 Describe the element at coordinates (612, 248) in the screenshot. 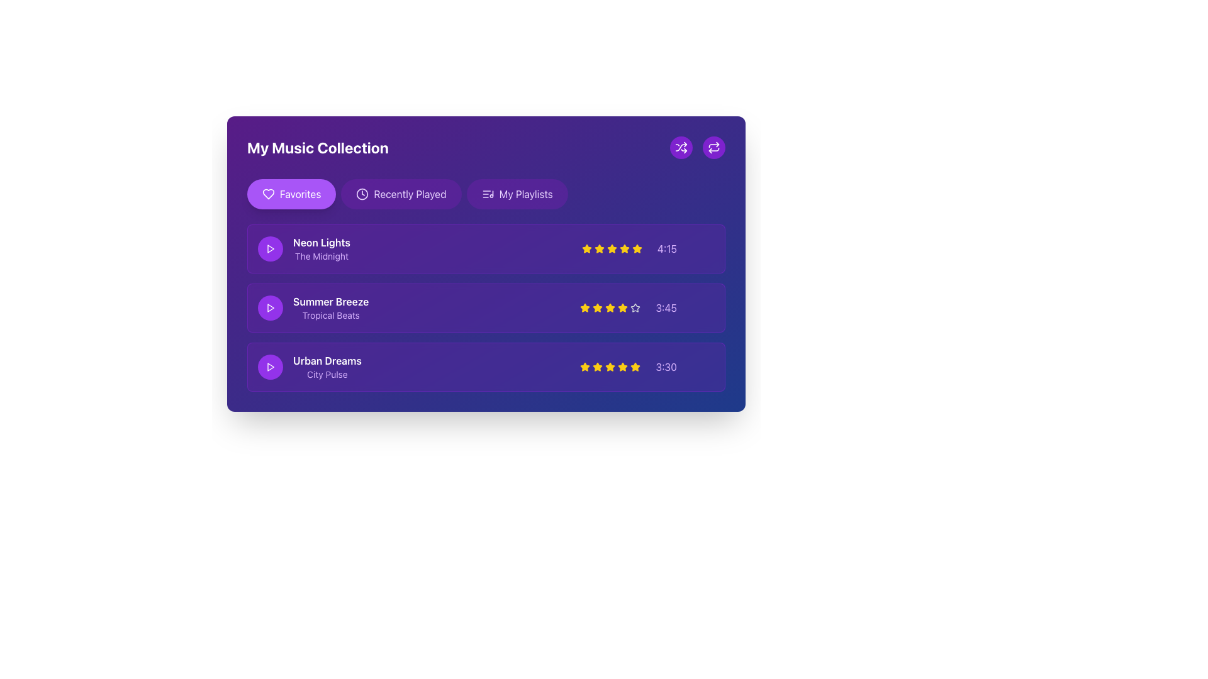

I see `the second star icon in the rating system for the 'Neon Lights' song under the 'Favorites' tab to visualize interaction potential` at that location.